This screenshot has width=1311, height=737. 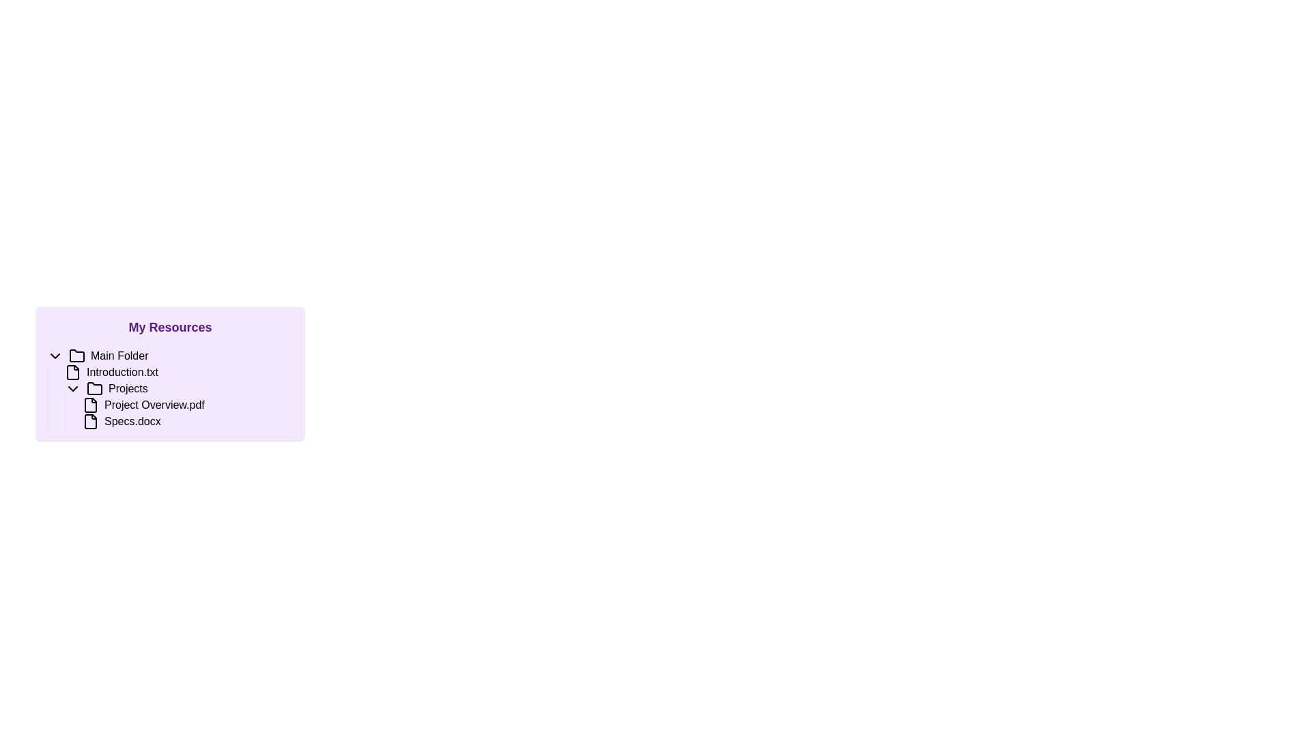 What do you see at coordinates (178, 412) in the screenshot?
I see `on the file list item representing 'Project Overview.pdf' in the Projects folder under My Resources` at bounding box center [178, 412].